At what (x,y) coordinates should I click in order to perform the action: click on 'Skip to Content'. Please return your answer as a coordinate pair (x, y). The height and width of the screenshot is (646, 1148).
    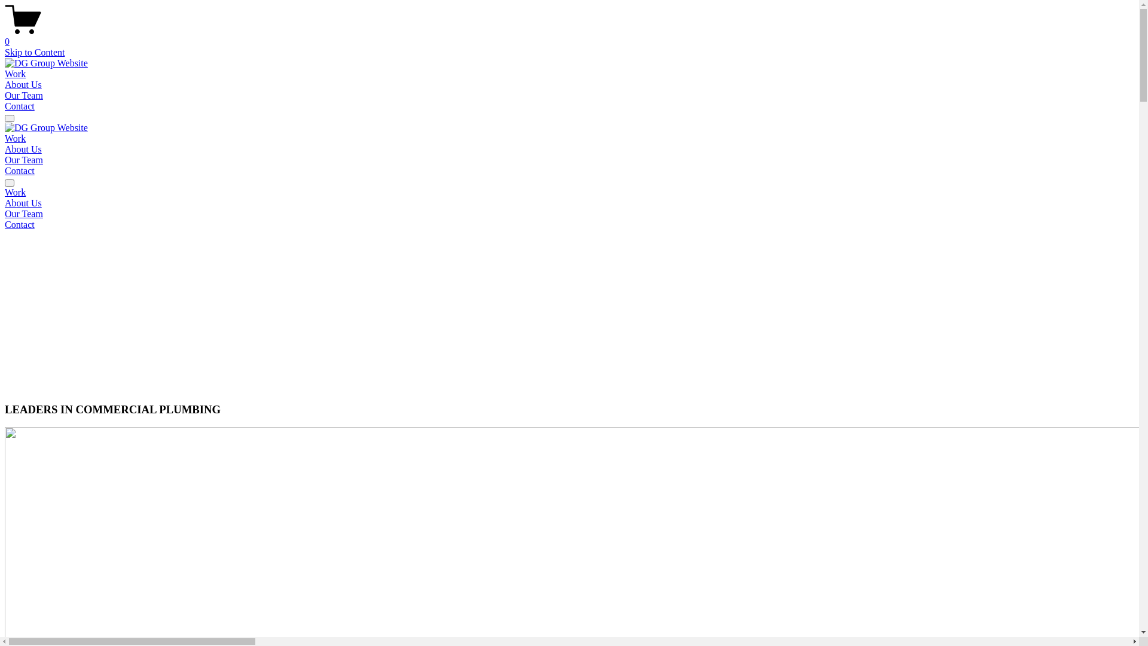
    Looking at the image, I should click on (34, 51).